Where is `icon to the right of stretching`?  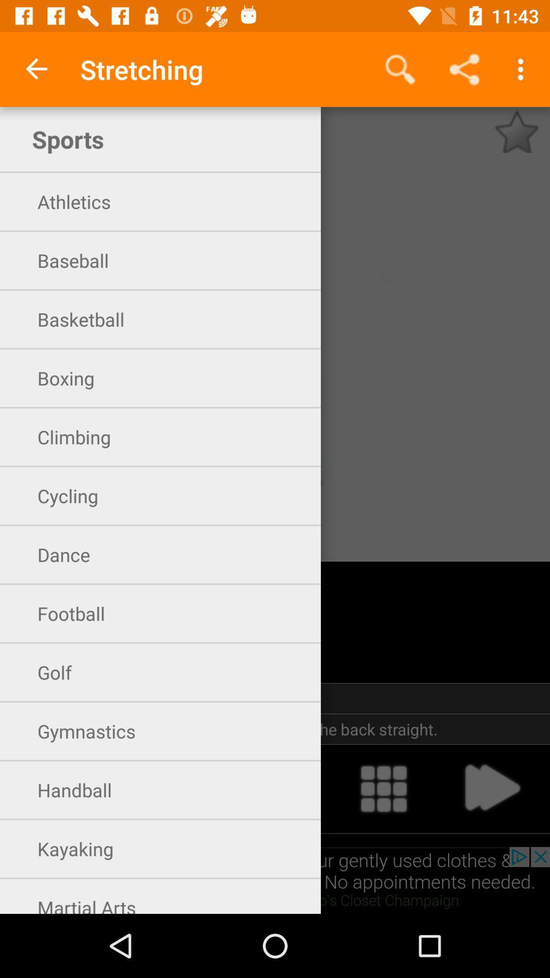 icon to the right of stretching is located at coordinates (400, 69).